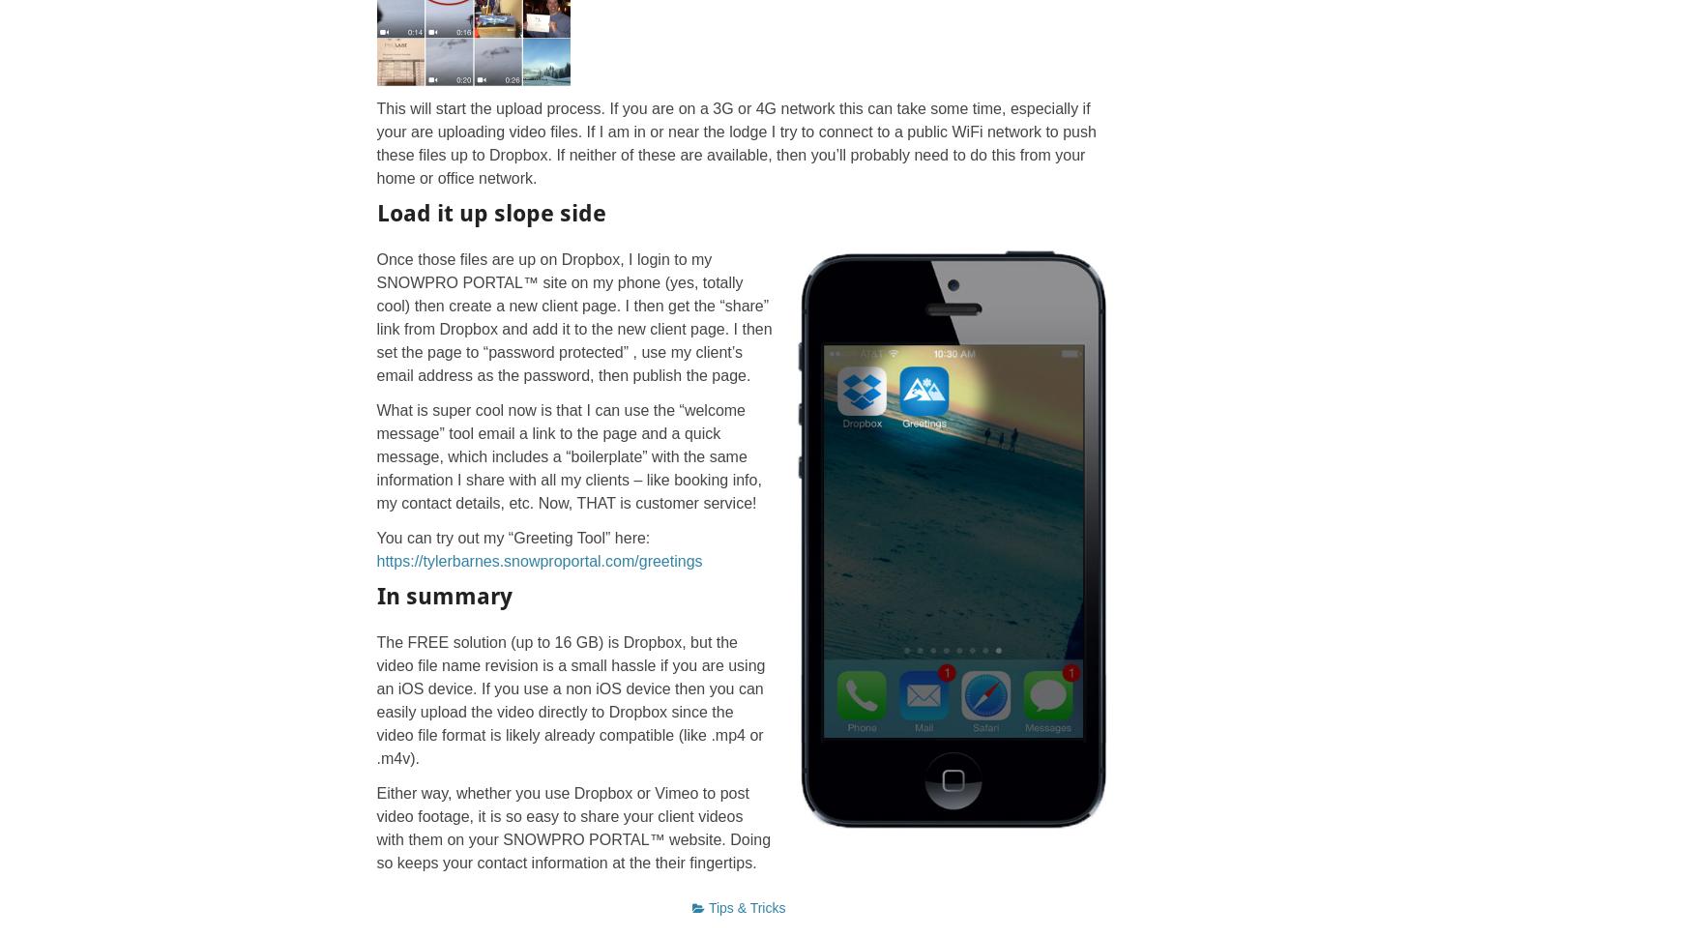  What do you see at coordinates (512, 537) in the screenshot?
I see `'You can try out my “Greeting Tool” here:'` at bounding box center [512, 537].